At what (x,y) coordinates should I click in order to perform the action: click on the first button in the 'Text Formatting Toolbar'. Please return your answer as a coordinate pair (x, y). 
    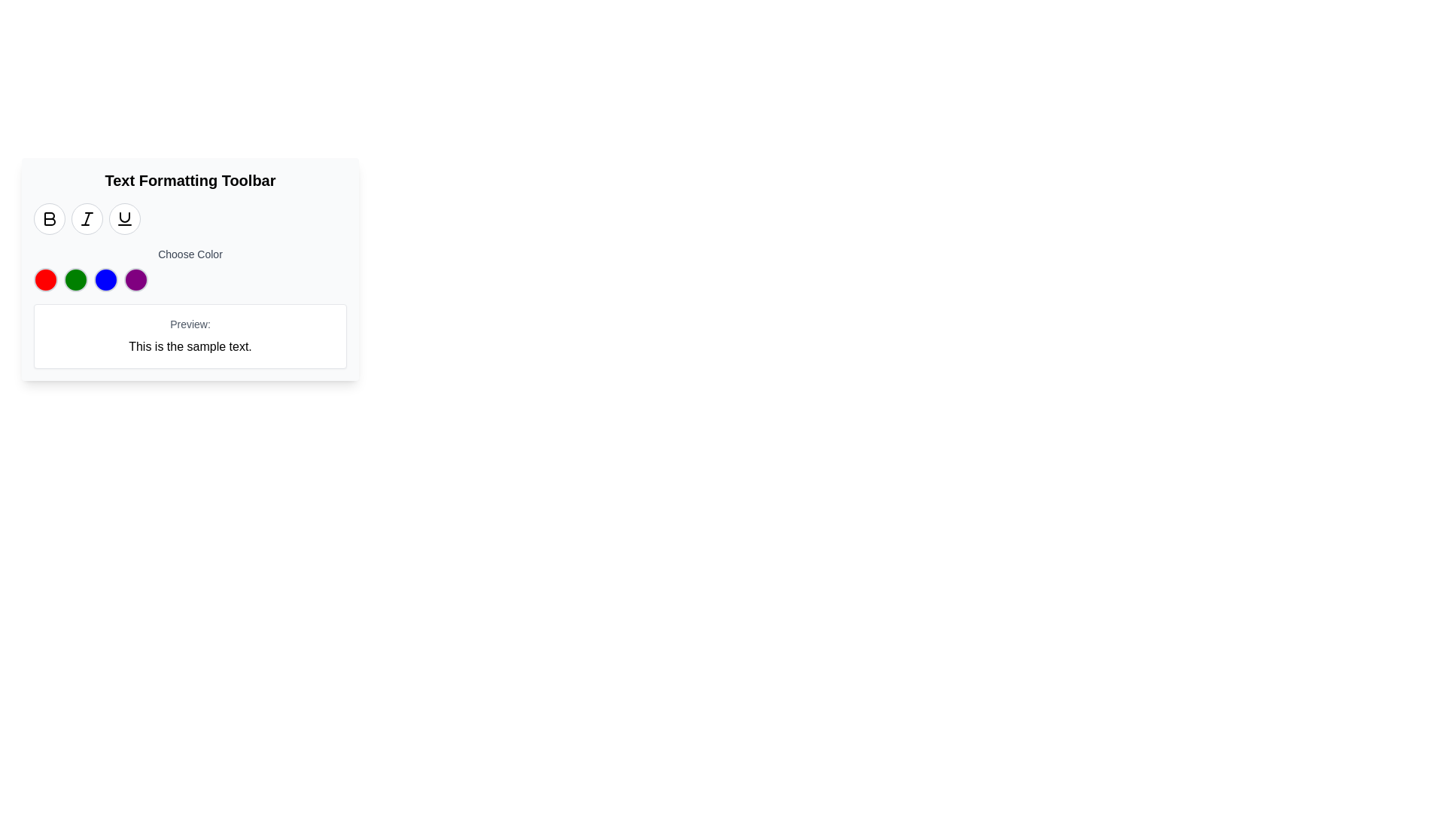
    Looking at the image, I should click on (50, 218).